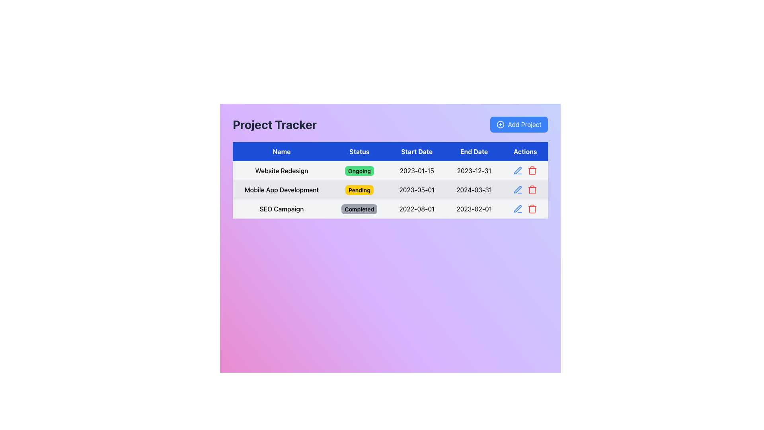 This screenshot has height=430, width=764. What do you see at coordinates (416, 208) in the screenshot?
I see `the static text component displaying the start date for the project titled 'SEO Campaign' in the 'Start Date' column of the third row in the project tracking table` at bounding box center [416, 208].